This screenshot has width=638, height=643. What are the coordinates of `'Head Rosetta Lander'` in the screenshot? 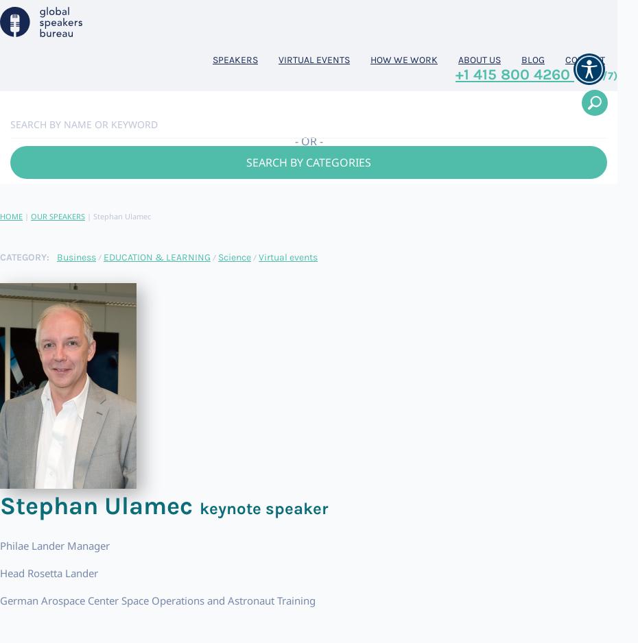 It's located at (48, 572).